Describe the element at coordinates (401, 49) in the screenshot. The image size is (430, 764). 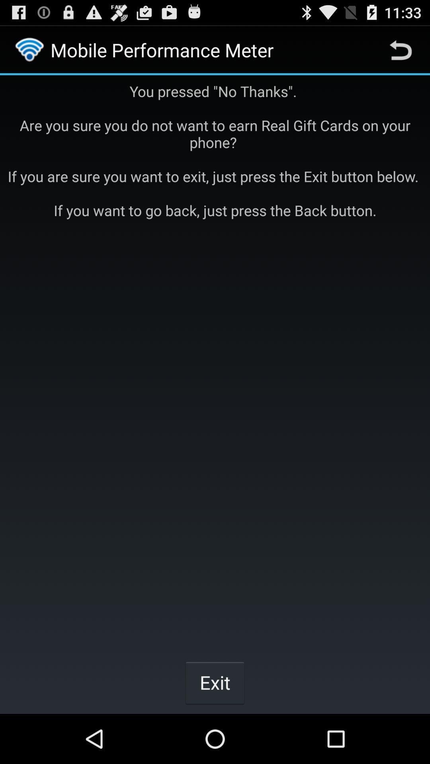
I see `the icon at the top right corner` at that location.